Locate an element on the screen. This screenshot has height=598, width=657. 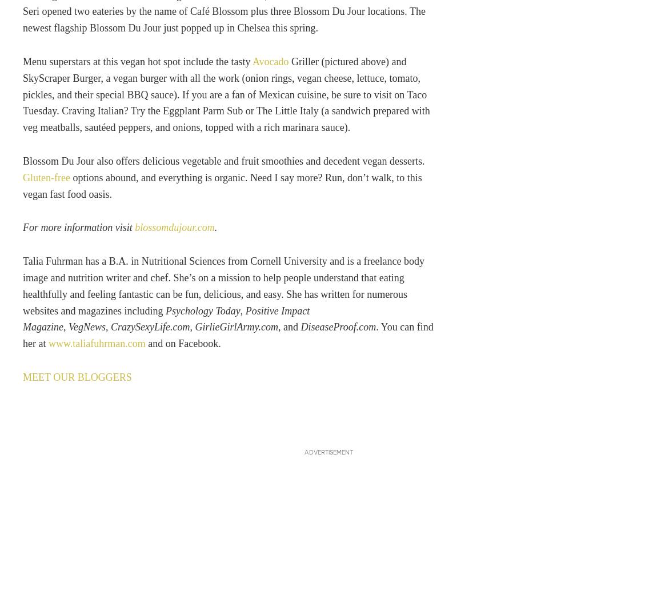
'. You can find her at' is located at coordinates (22, 335).